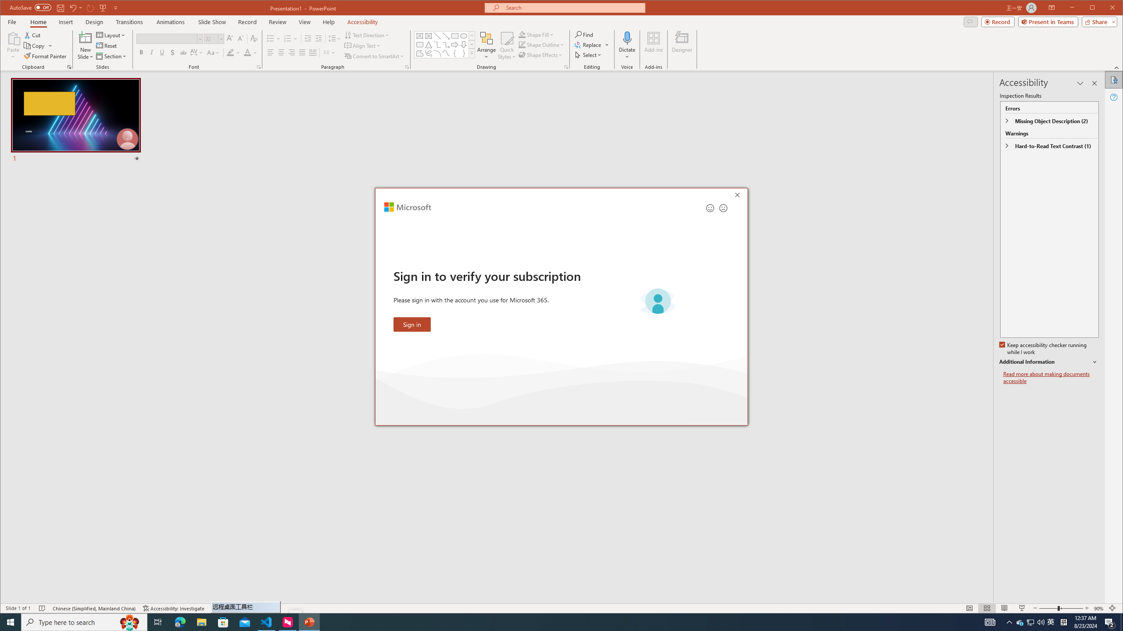 The height and width of the screenshot is (631, 1123). What do you see at coordinates (179, 621) in the screenshot?
I see `'Microsoft Edge'` at bounding box center [179, 621].